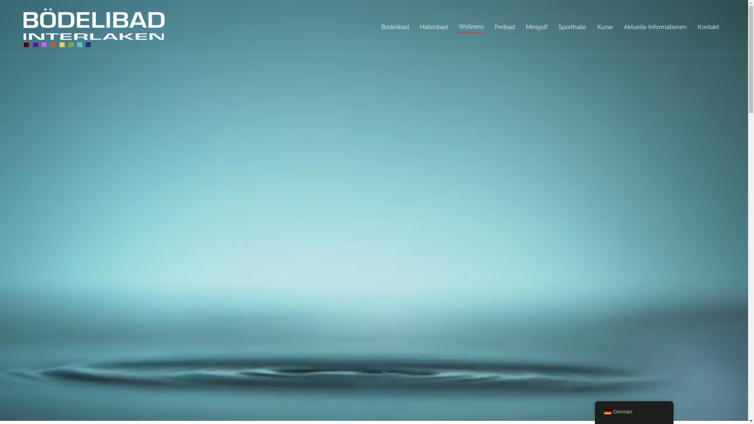 Image resolution: width=754 pixels, height=424 pixels. I want to click on 'Kontakt', so click(708, 27).